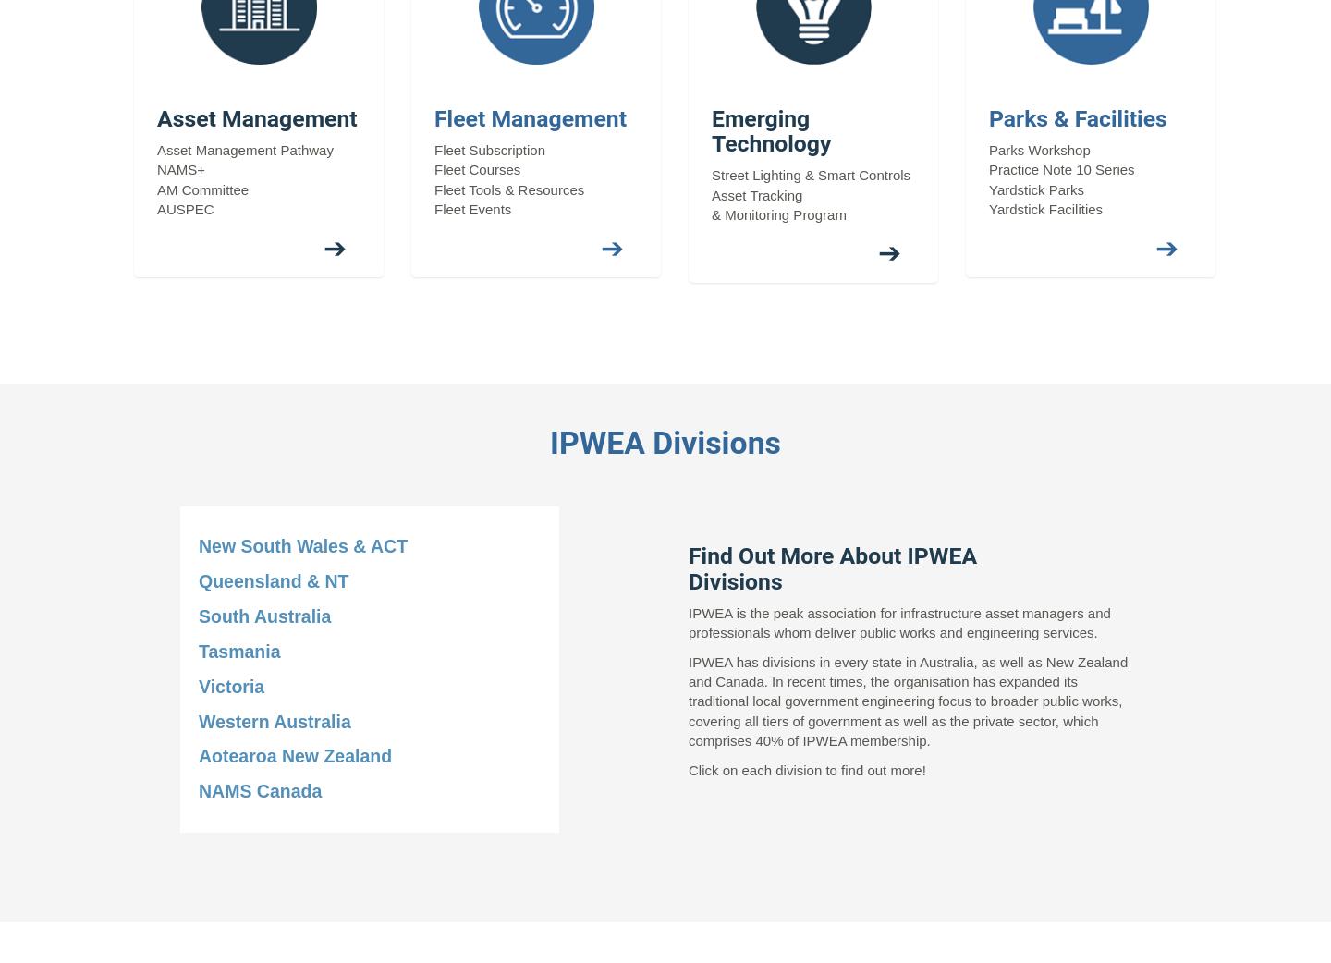 The width and height of the screenshot is (1331, 963). Describe the element at coordinates (471, 208) in the screenshot. I see `'Fleet Events'` at that location.